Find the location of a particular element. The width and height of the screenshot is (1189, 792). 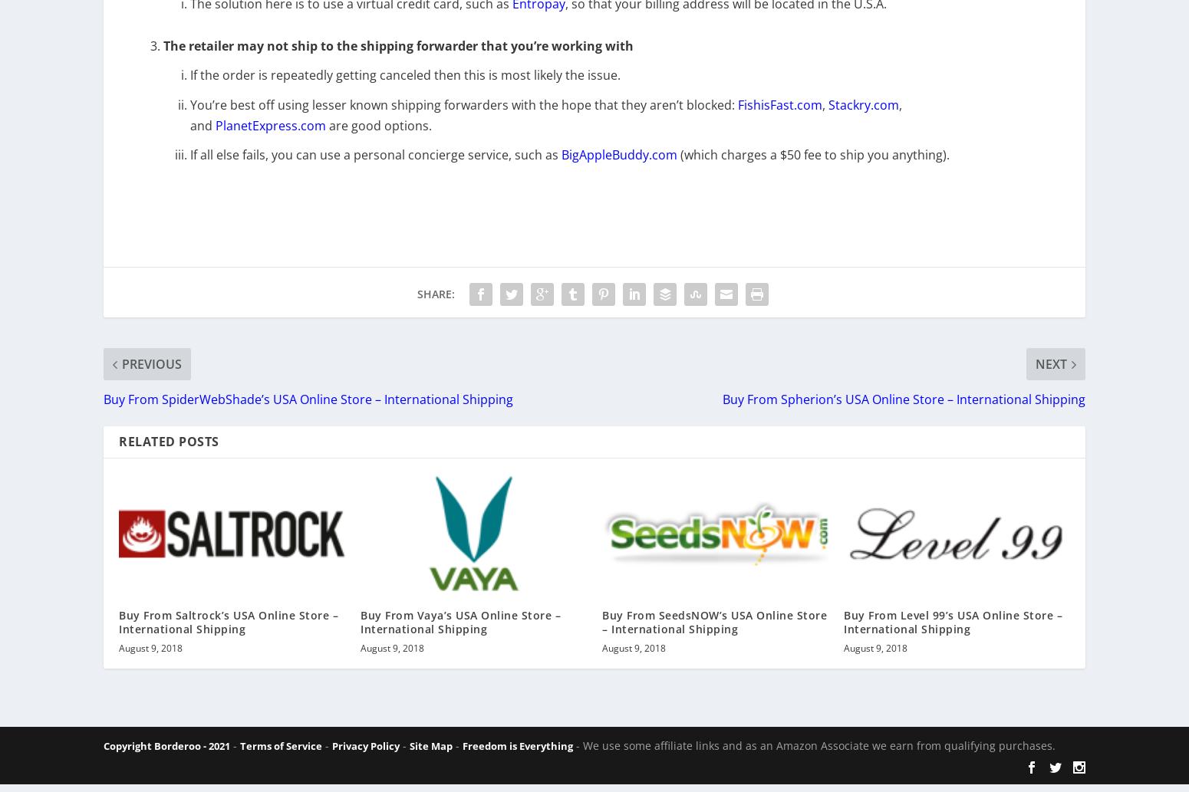

'Buy From SeedsNOW’s USA Online Store – International Shipping' is located at coordinates (601, 633).